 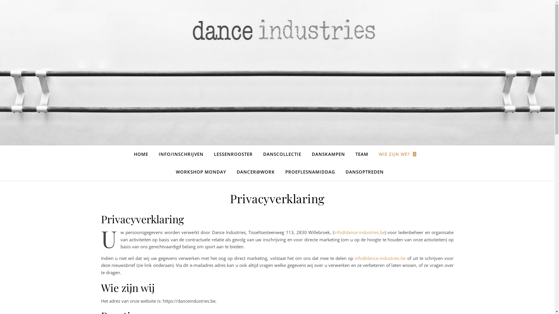 What do you see at coordinates (397, 154) in the screenshot?
I see `'WIE ZIJN WE?'` at bounding box center [397, 154].